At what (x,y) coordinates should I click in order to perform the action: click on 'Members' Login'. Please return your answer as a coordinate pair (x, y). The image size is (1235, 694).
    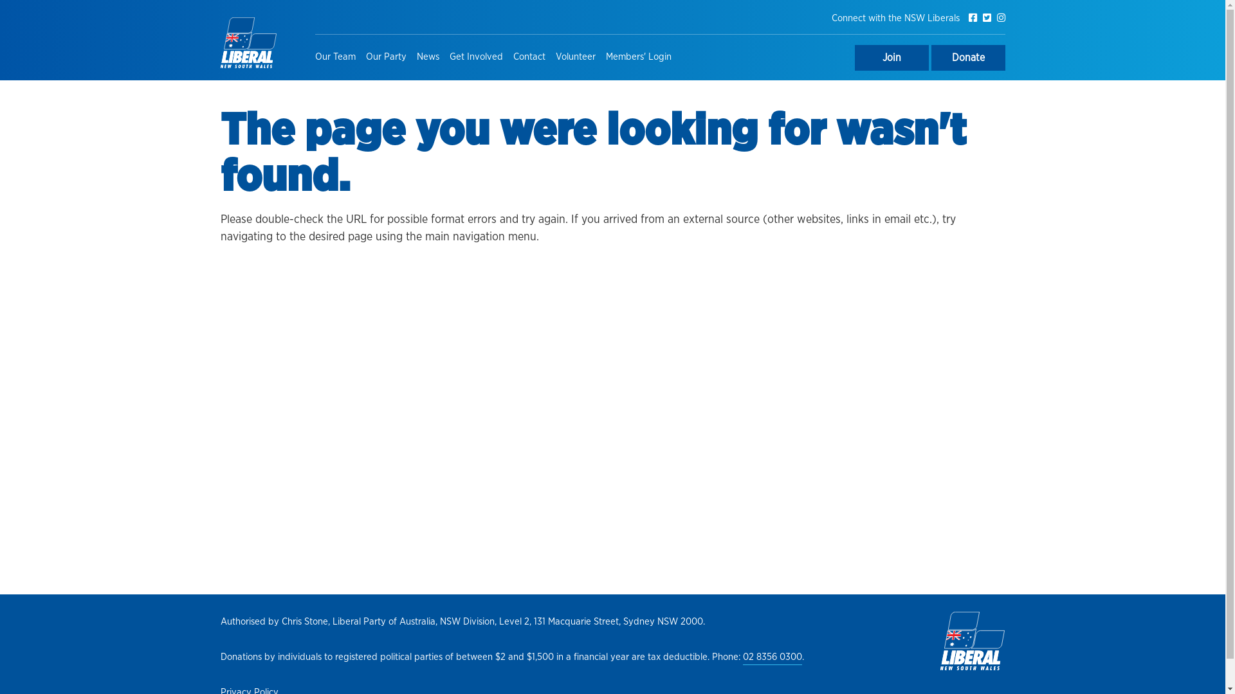
    Looking at the image, I should click on (639, 57).